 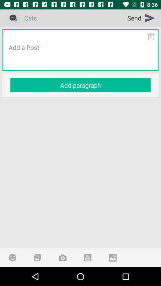 What do you see at coordinates (113, 257) in the screenshot?
I see `attach photo` at bounding box center [113, 257].